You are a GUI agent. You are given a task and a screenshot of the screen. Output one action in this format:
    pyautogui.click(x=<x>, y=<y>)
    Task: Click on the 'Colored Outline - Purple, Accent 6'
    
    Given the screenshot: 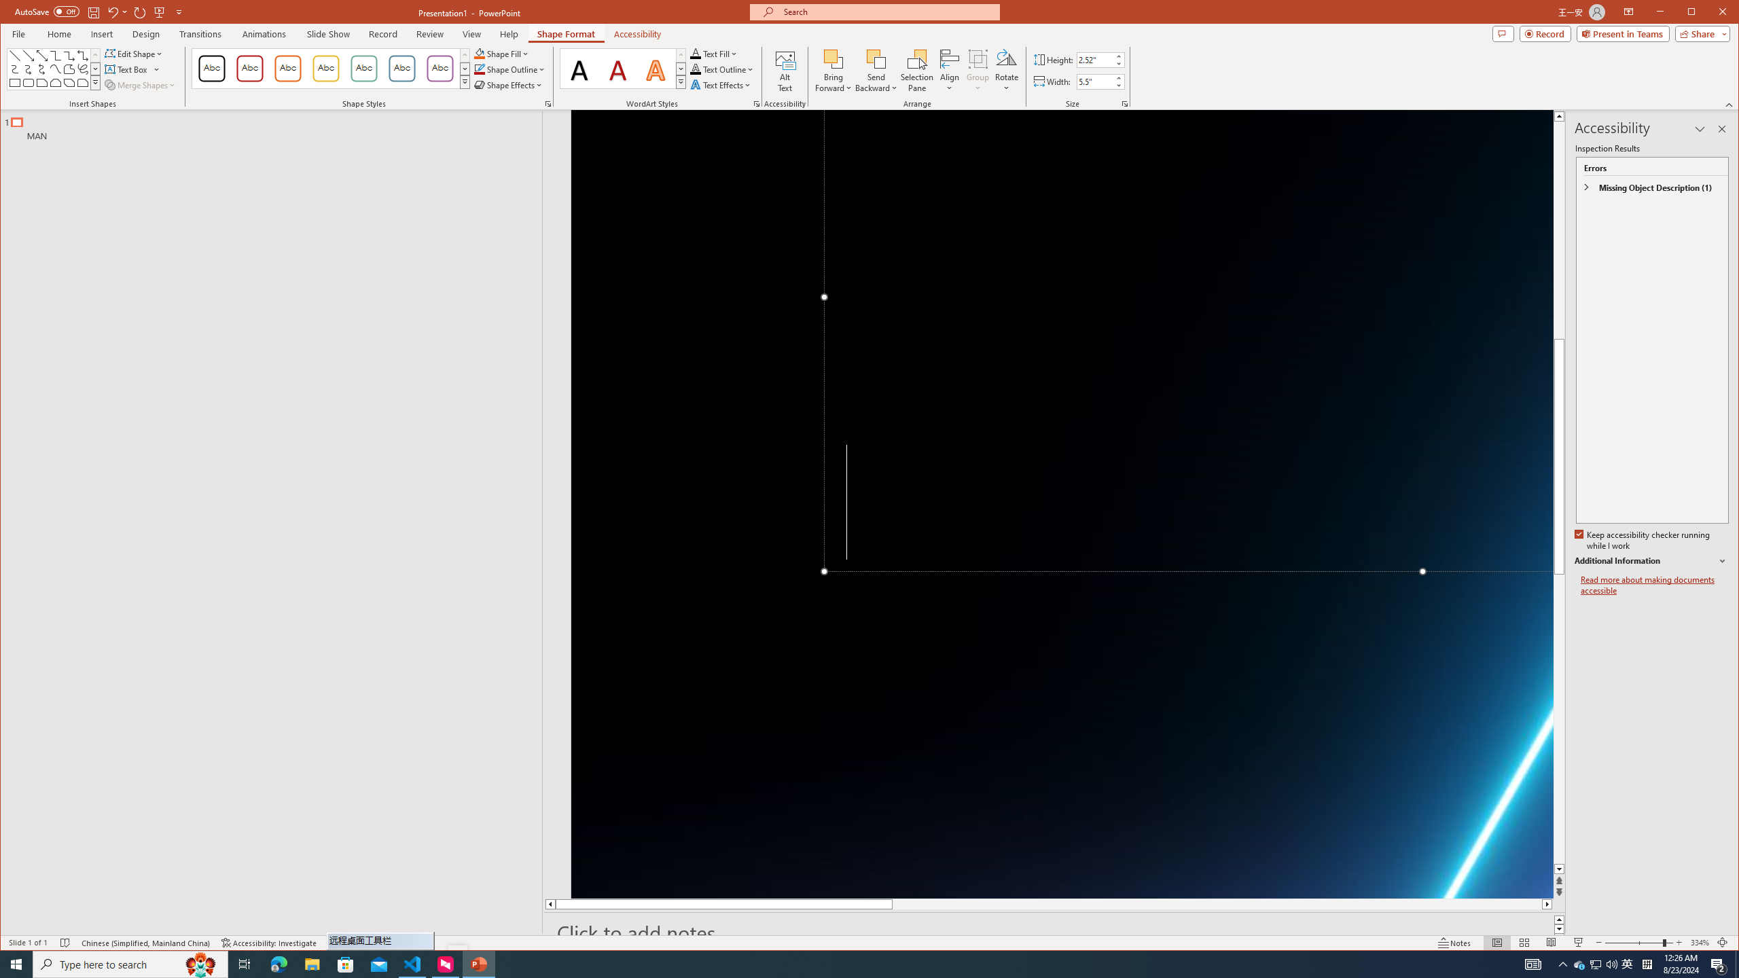 What is the action you would take?
    pyautogui.click(x=440, y=68)
    